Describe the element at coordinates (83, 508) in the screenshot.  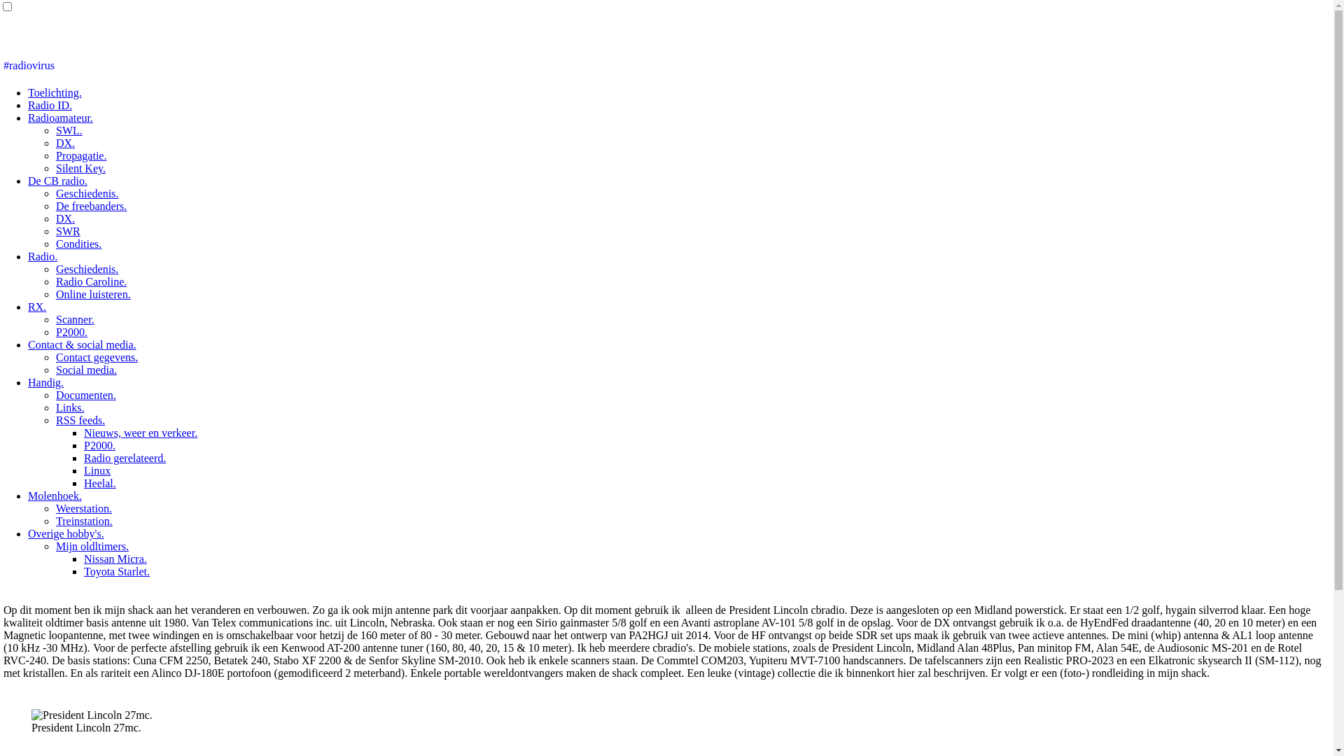
I see `'Weerstation.'` at that location.